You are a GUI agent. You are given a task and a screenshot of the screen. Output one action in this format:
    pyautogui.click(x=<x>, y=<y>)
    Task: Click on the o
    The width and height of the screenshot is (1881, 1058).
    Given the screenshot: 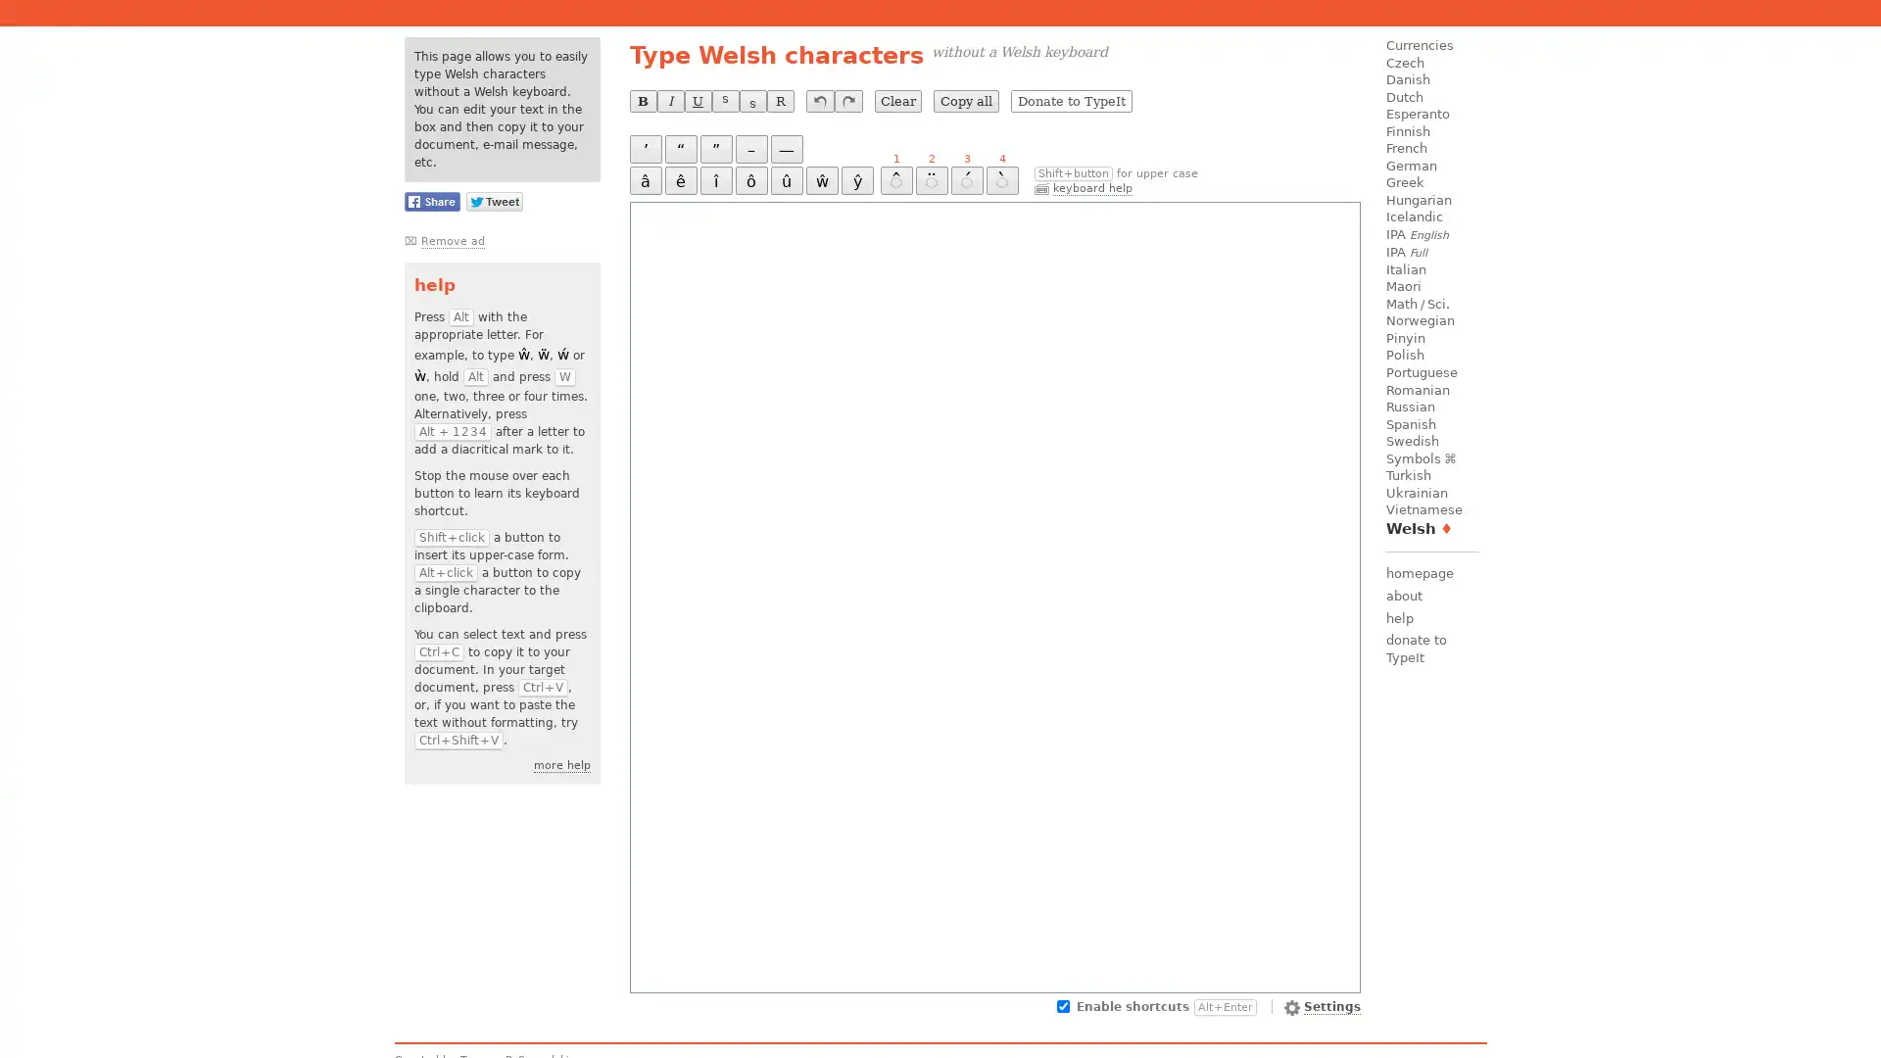 What is the action you would take?
    pyautogui.click(x=749, y=180)
    